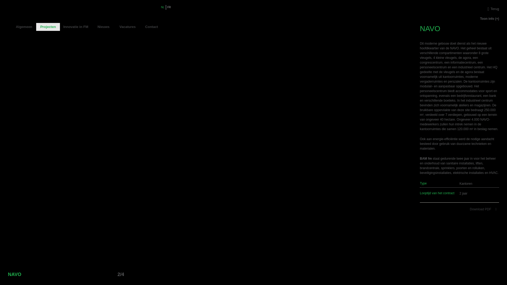  Describe the element at coordinates (162, 7) in the screenshot. I see `'NL'` at that location.